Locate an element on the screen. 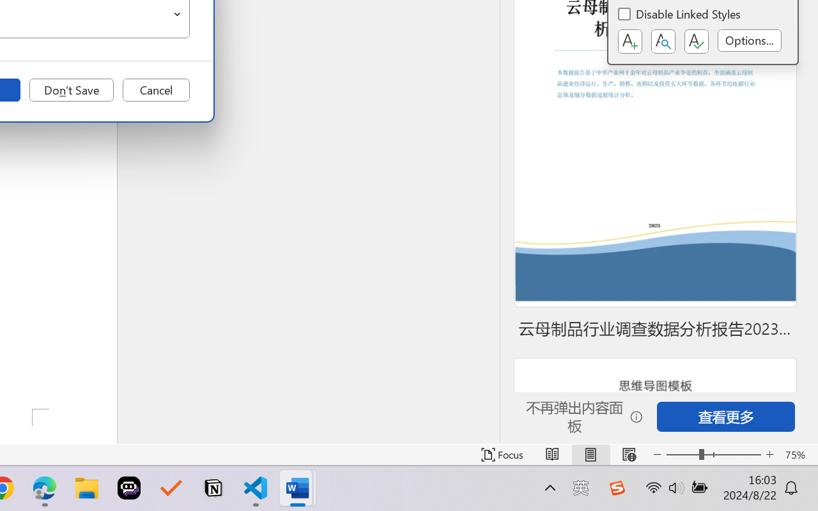  'Zoom Out' is located at coordinates (682, 454).